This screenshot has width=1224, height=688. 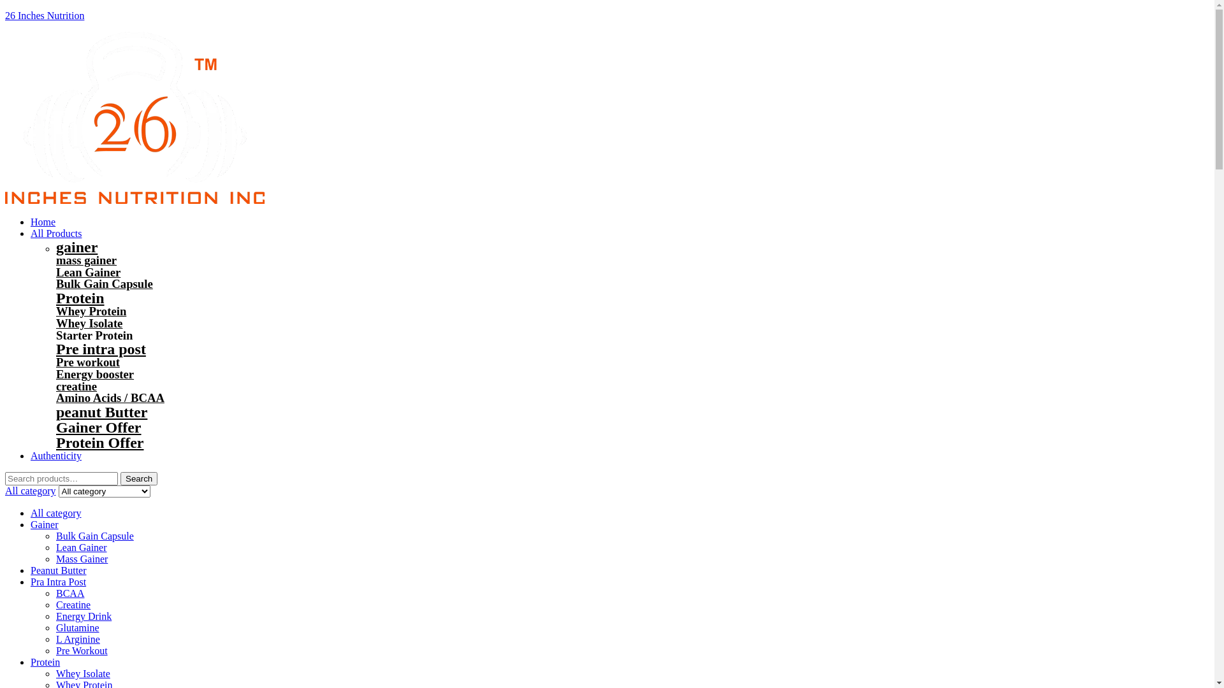 What do you see at coordinates (31, 233) in the screenshot?
I see `'All Products'` at bounding box center [31, 233].